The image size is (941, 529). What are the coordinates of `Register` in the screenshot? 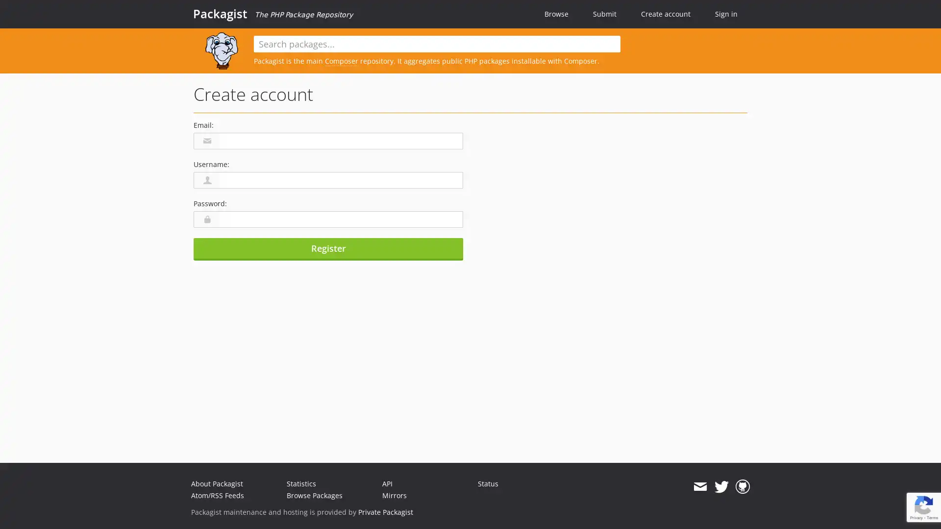 It's located at (328, 249).